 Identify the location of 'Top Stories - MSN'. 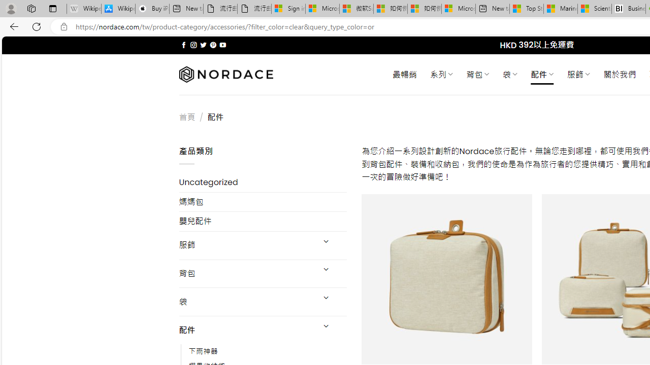
(526, 9).